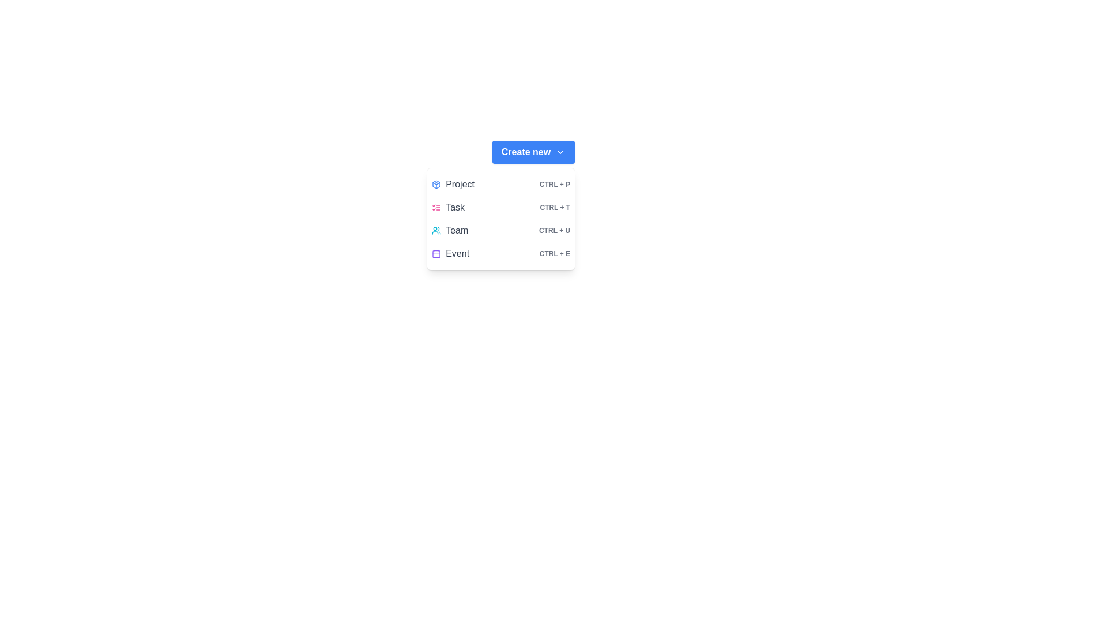 The height and width of the screenshot is (623, 1107). What do you see at coordinates (436, 253) in the screenshot?
I see `the 'Event' icon` at bounding box center [436, 253].